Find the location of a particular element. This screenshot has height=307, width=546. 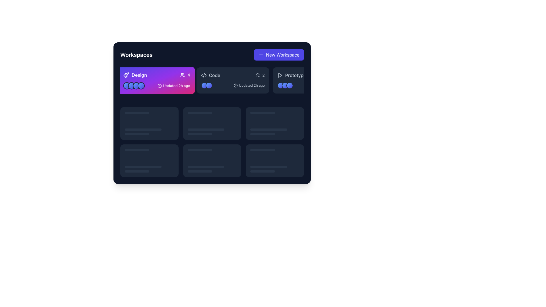

the circular outline within the clock icon located in the 'Code' card of the 'Workspaces' panel is located at coordinates (236, 85).